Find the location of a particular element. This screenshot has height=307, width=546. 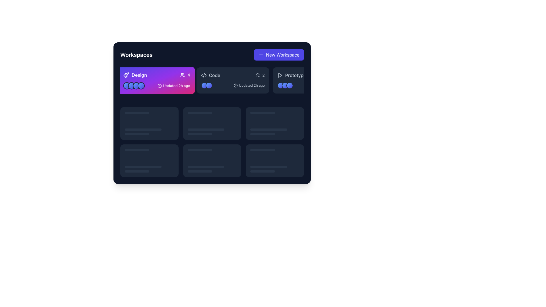

the circular outline within the clock icon located in the 'Code' card of the 'Workspaces' panel is located at coordinates (236, 85).